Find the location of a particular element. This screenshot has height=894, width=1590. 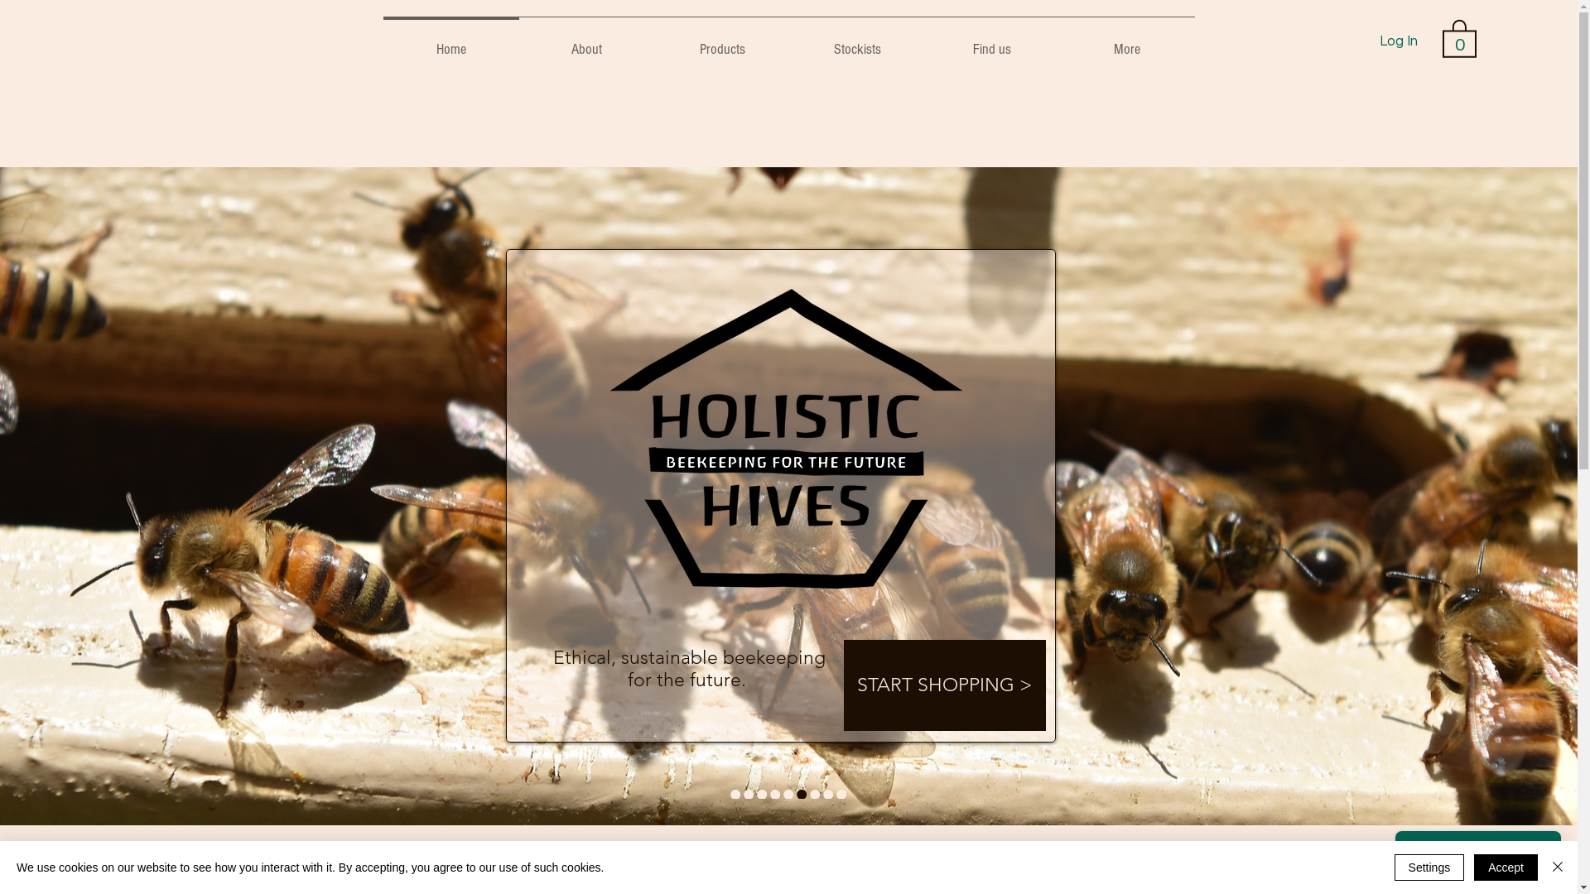

'START SHOPPING >' is located at coordinates (842, 685).